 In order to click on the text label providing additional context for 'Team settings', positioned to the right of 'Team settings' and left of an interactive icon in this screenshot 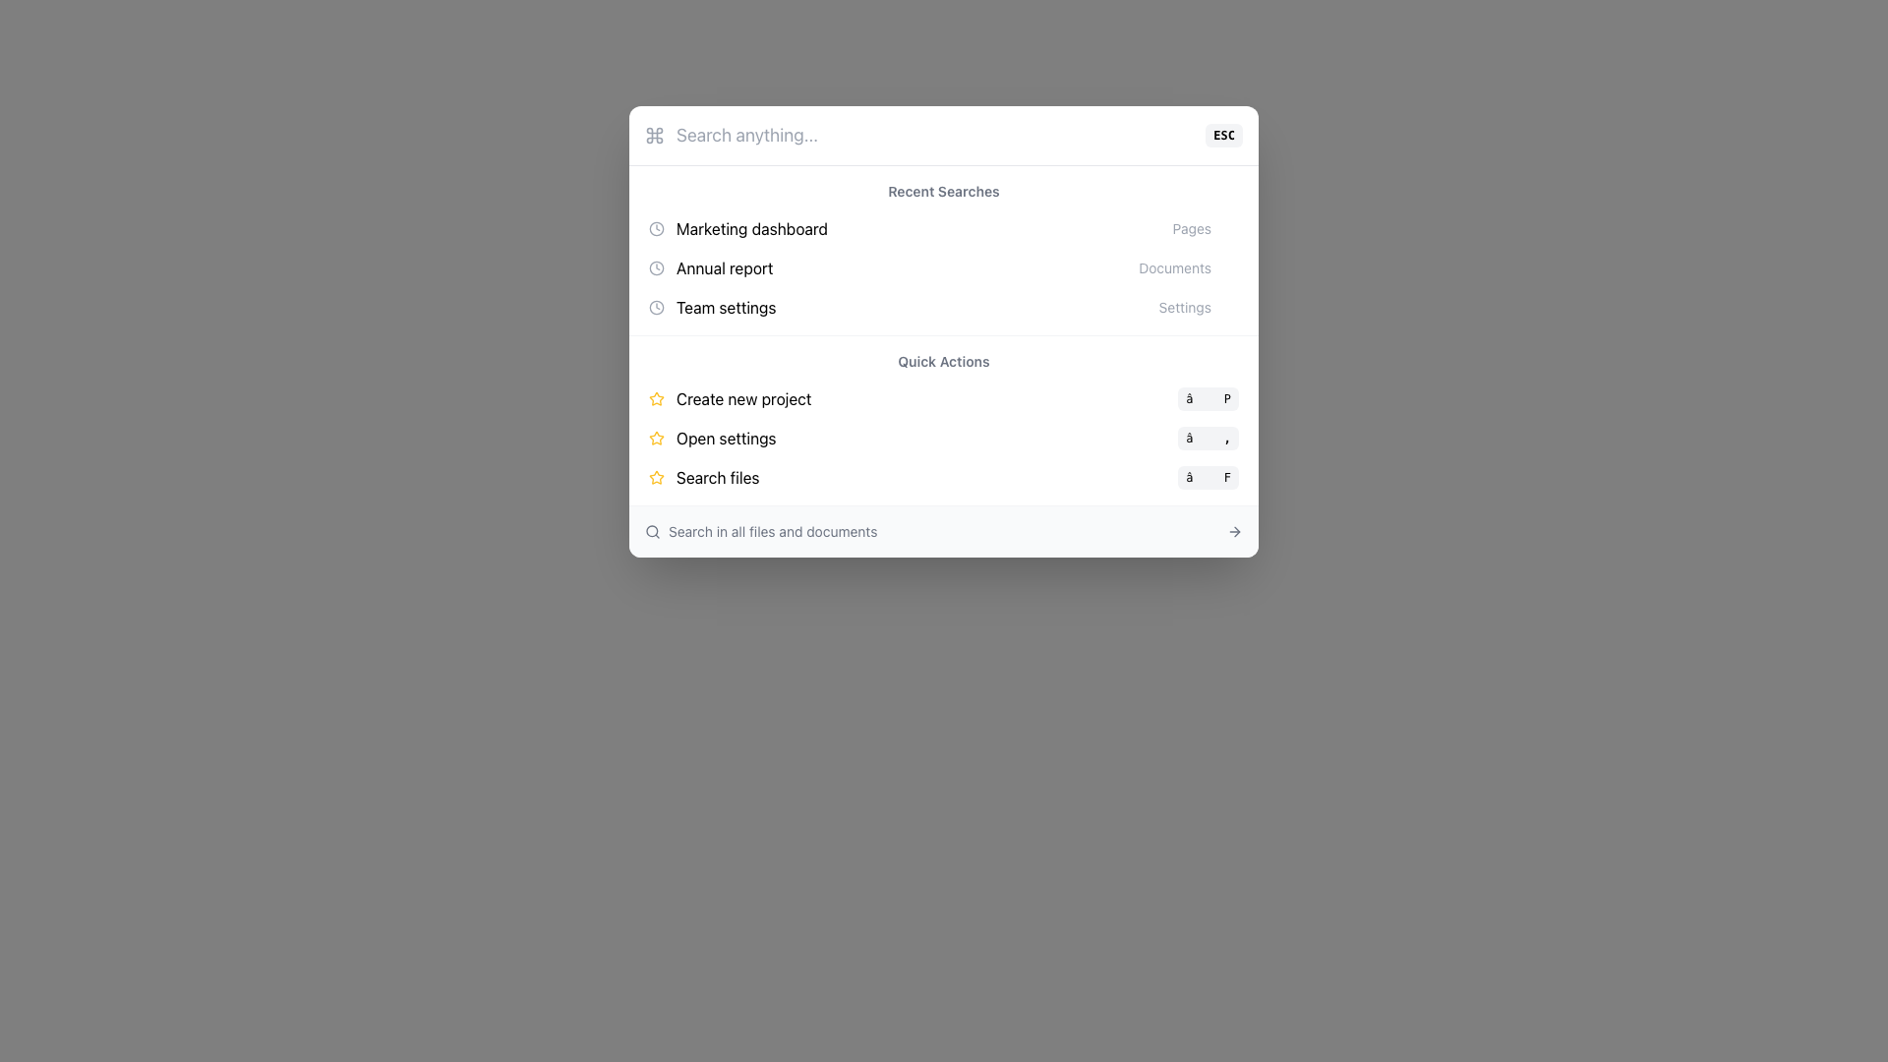, I will do `click(1184, 307)`.